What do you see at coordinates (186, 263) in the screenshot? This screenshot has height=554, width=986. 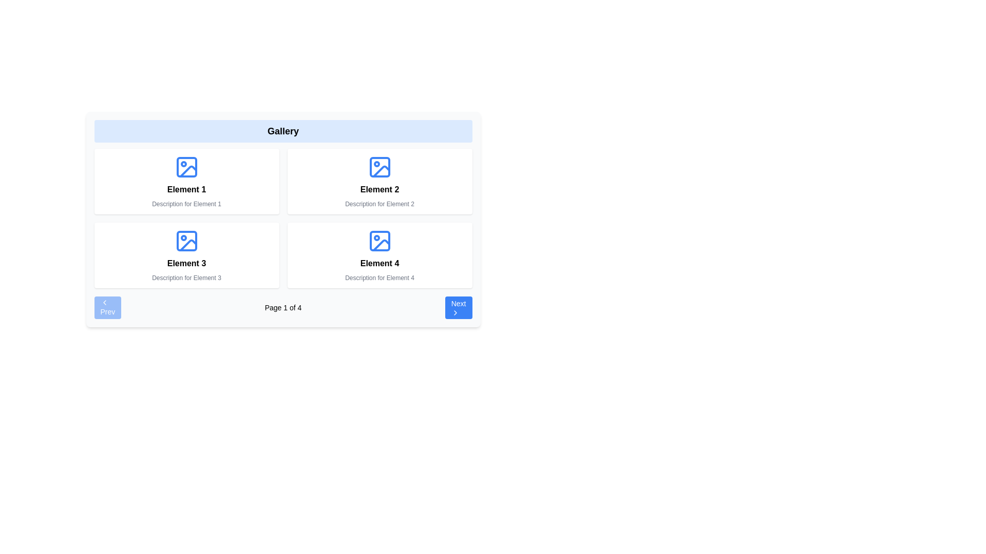 I see `the Text label located in the bottom-left quadrant of the grid, which identifies the associated icon and description for Element 3` at bounding box center [186, 263].